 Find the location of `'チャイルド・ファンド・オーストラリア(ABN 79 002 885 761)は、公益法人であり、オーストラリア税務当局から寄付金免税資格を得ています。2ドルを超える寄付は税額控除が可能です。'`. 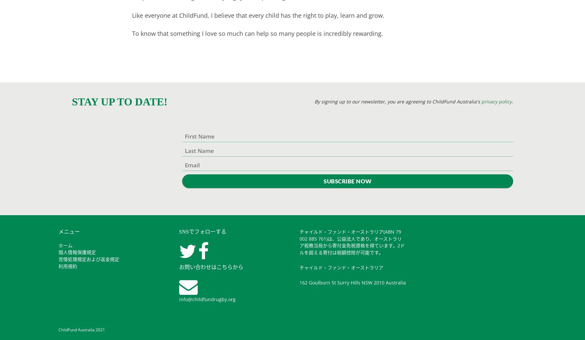

'チャイルド・ファンド・オーストラリア(ABN 79 002 885 761)は、公益法人であり、オーストラリア税務当局から寄付金免税資格を得ています。2ドルを超える寄付は税額控除が可能です。' is located at coordinates (299, 242).